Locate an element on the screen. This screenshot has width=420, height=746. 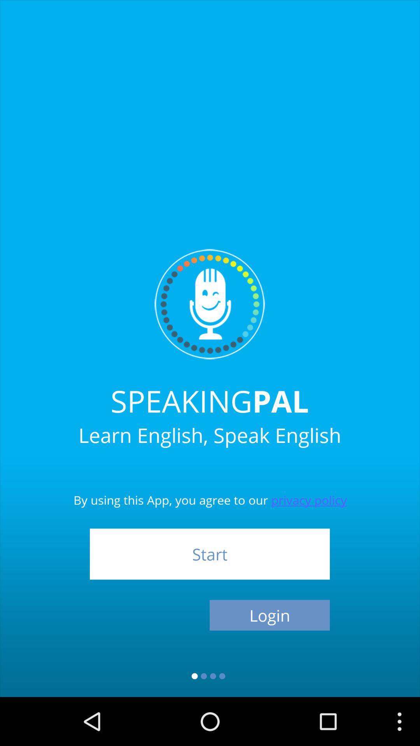
the start item is located at coordinates (209, 554).